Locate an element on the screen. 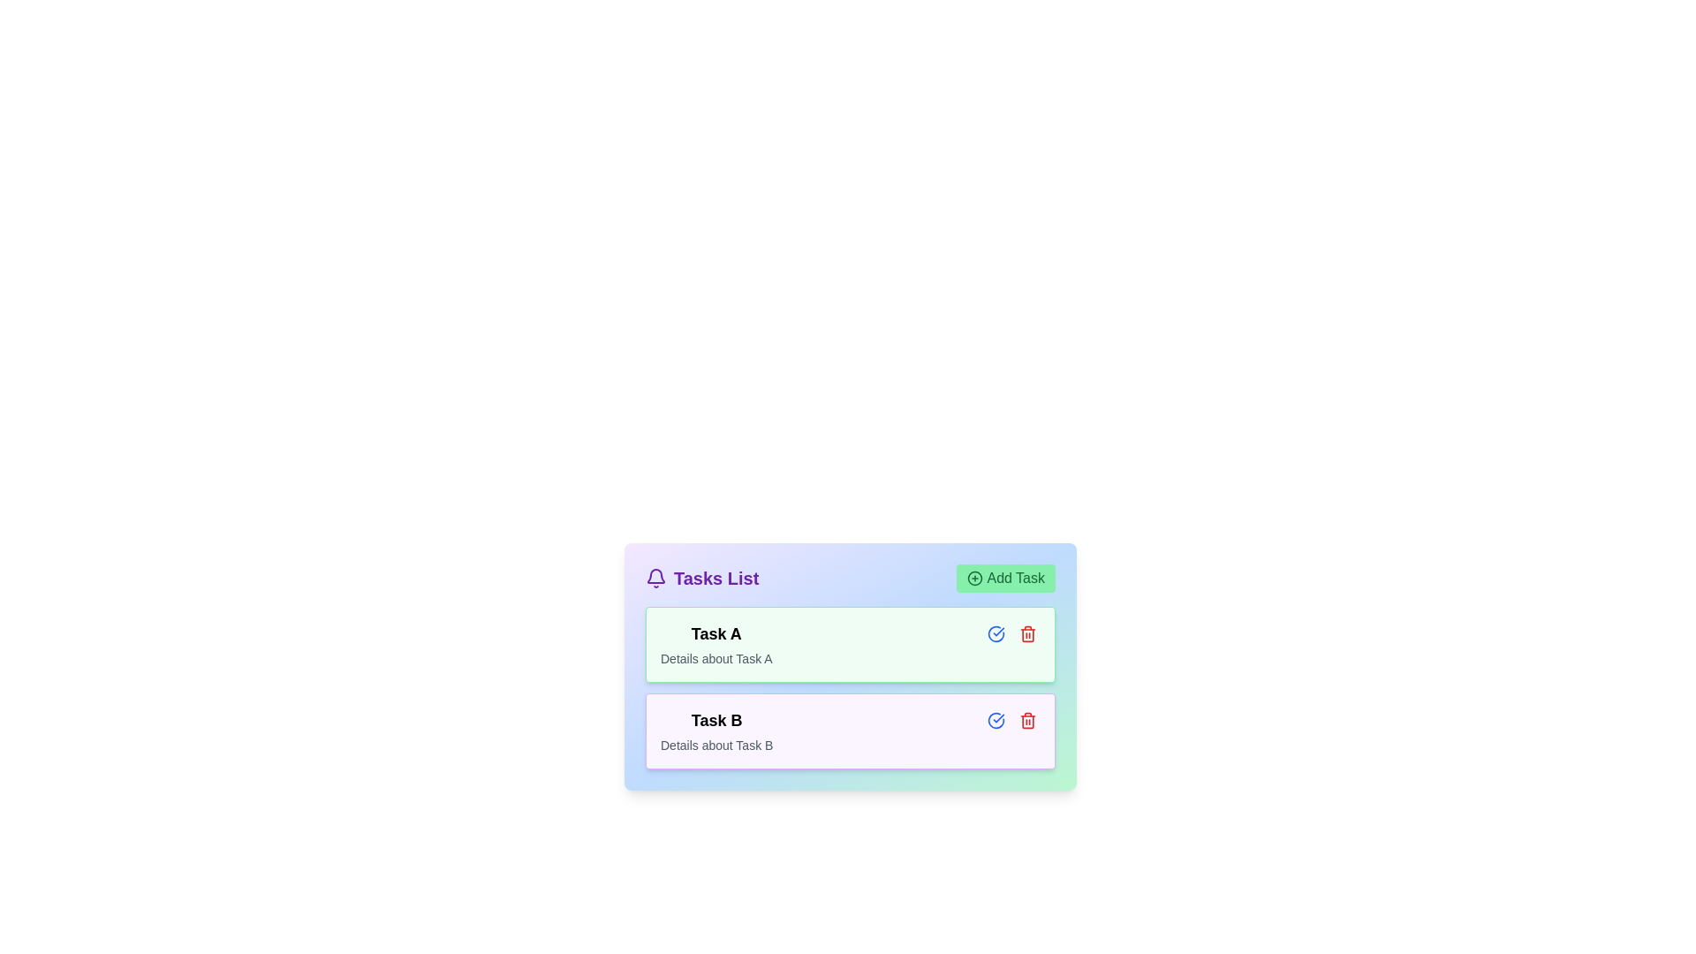  the primary title text label for a task item in the task listing interface, positioned above the 'Details about Task A' text element is located at coordinates (716, 632).